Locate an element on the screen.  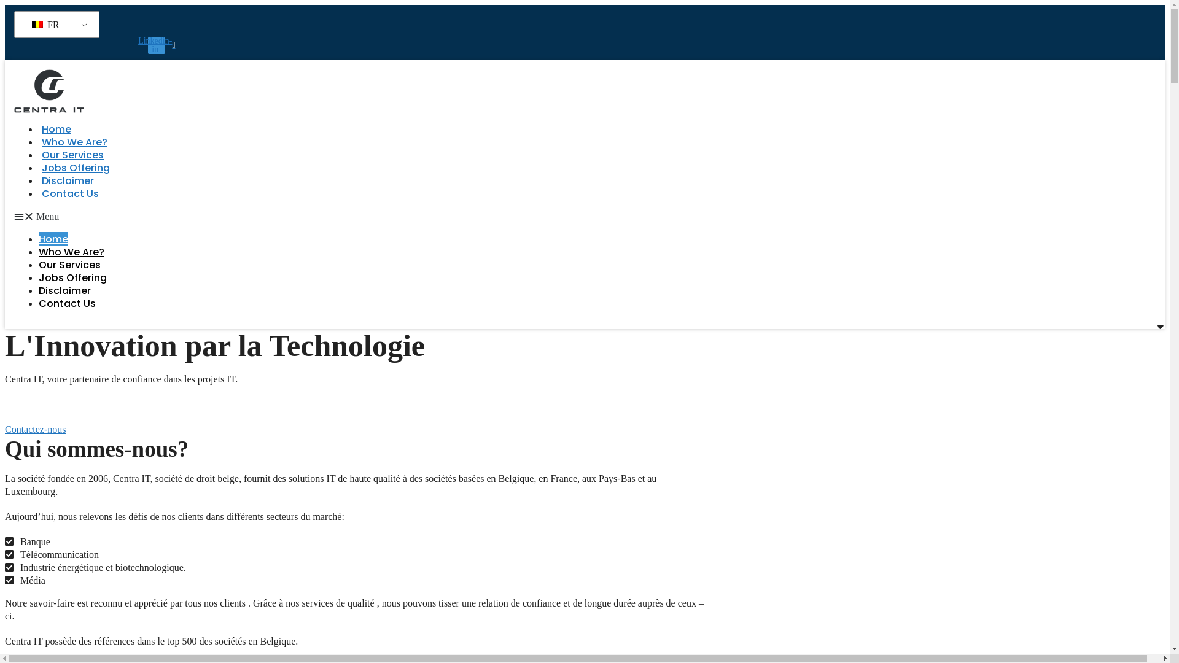
'Home' is located at coordinates (55, 129).